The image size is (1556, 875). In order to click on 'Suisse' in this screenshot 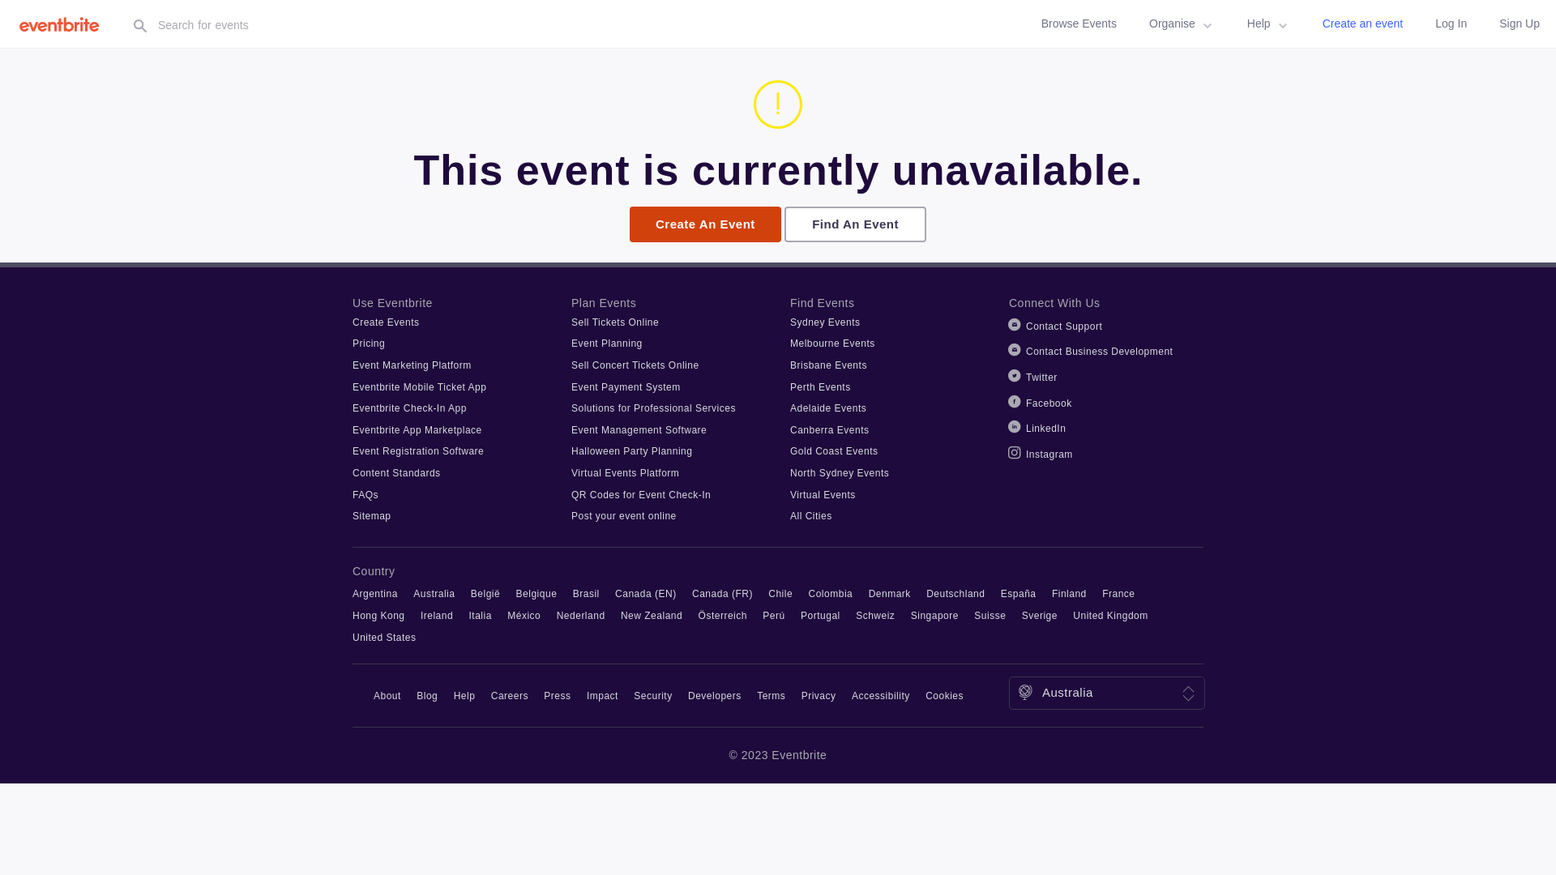, I will do `click(989, 615)`.